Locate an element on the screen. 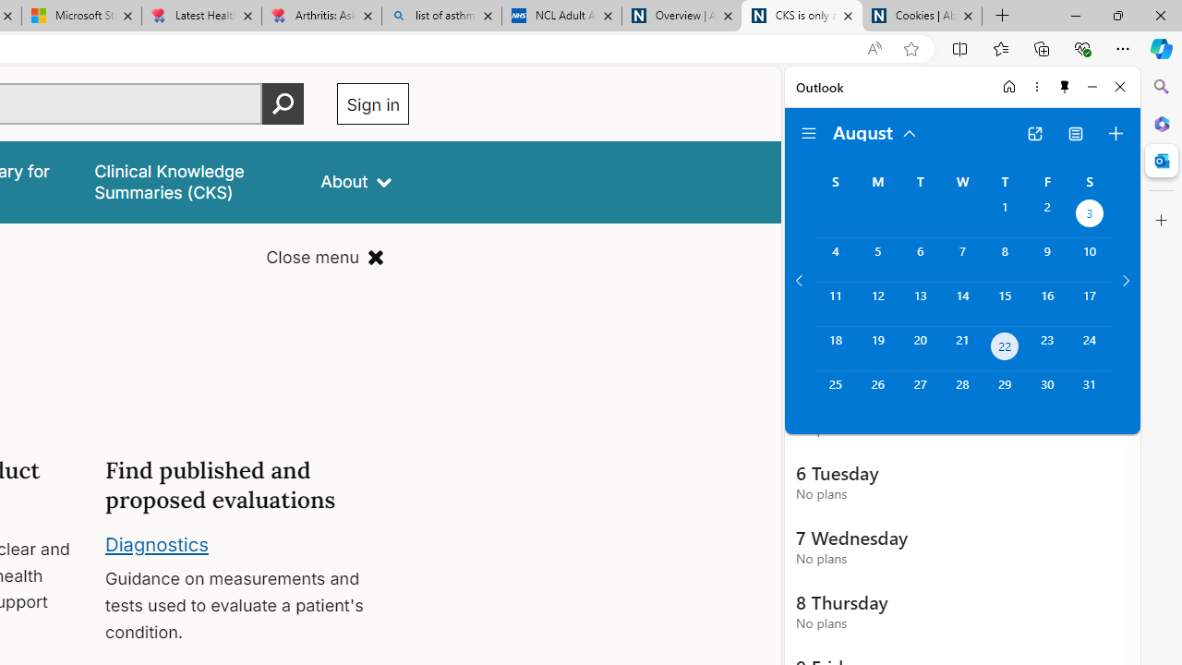 The height and width of the screenshot is (665, 1182). 'Thursday, August 22, 2024. Today. ' is located at coordinates (1004, 348).